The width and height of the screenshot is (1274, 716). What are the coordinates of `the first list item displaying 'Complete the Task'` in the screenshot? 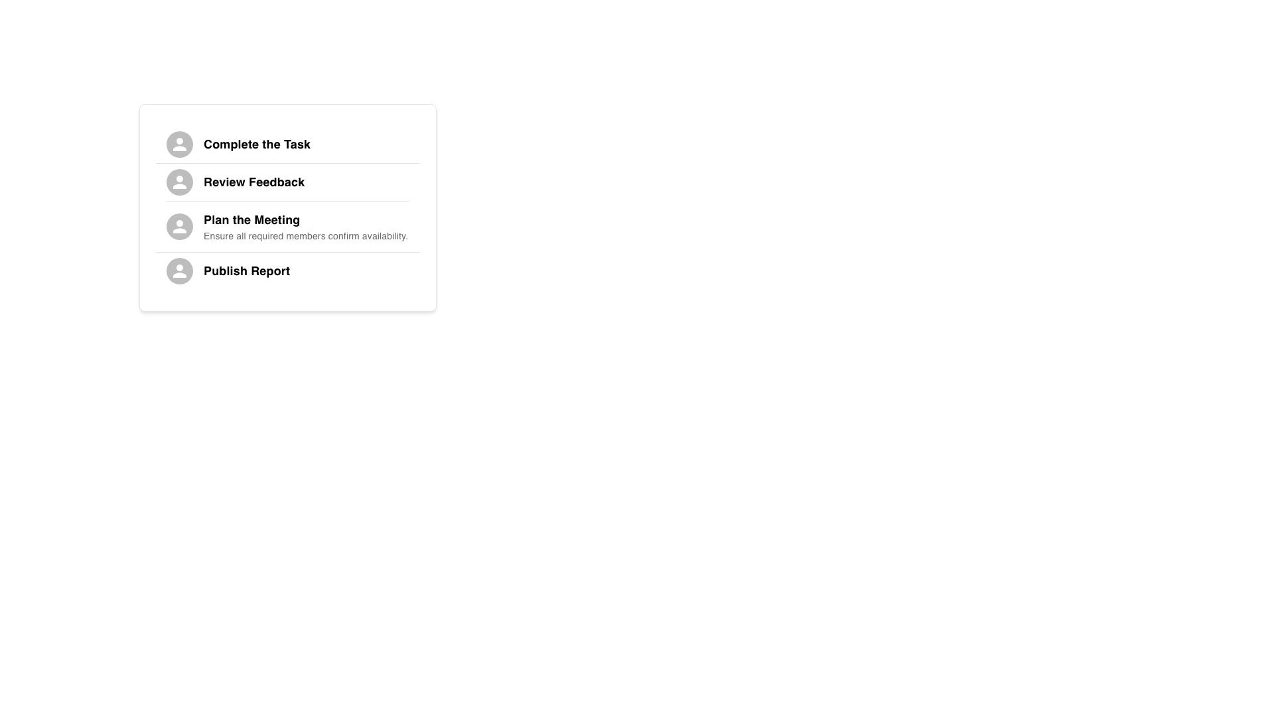 It's located at (287, 145).